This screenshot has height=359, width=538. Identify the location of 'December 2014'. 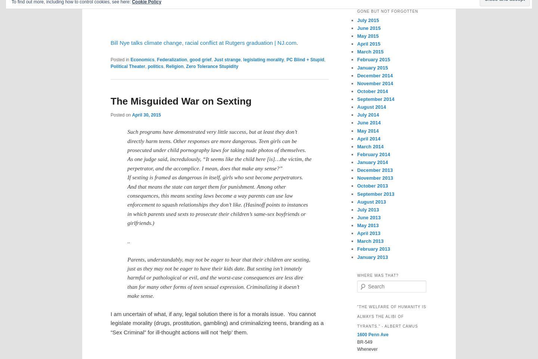
(374, 75).